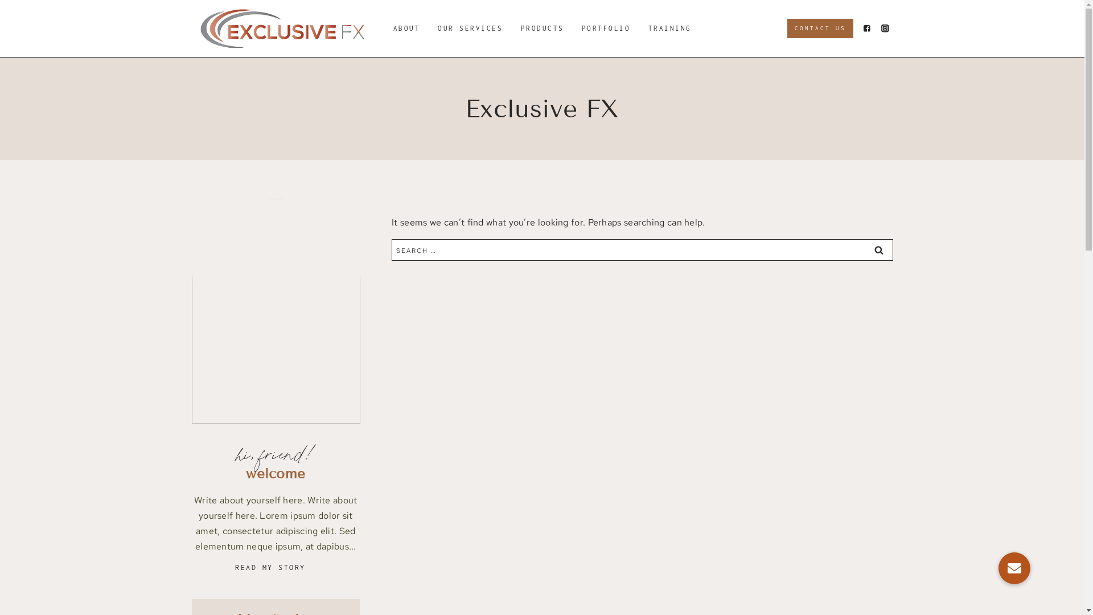  Describe the element at coordinates (406, 28) in the screenshot. I see `'ABOUT'` at that location.